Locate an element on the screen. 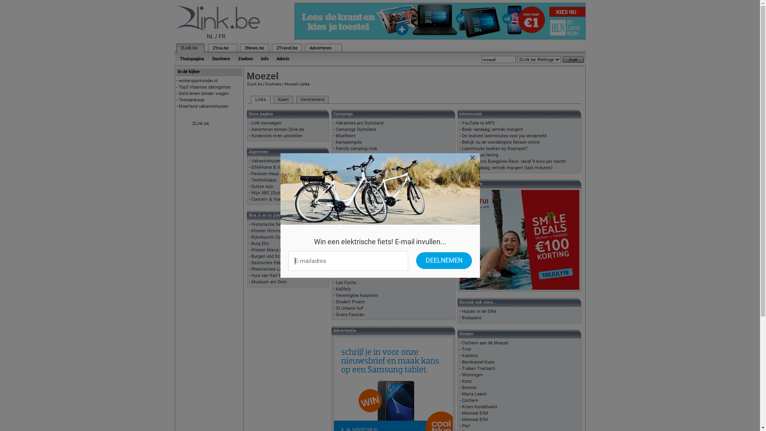 The height and width of the screenshot is (431, 766). 'De leukste lastminutes voor jou verzameld' is located at coordinates (503, 135).